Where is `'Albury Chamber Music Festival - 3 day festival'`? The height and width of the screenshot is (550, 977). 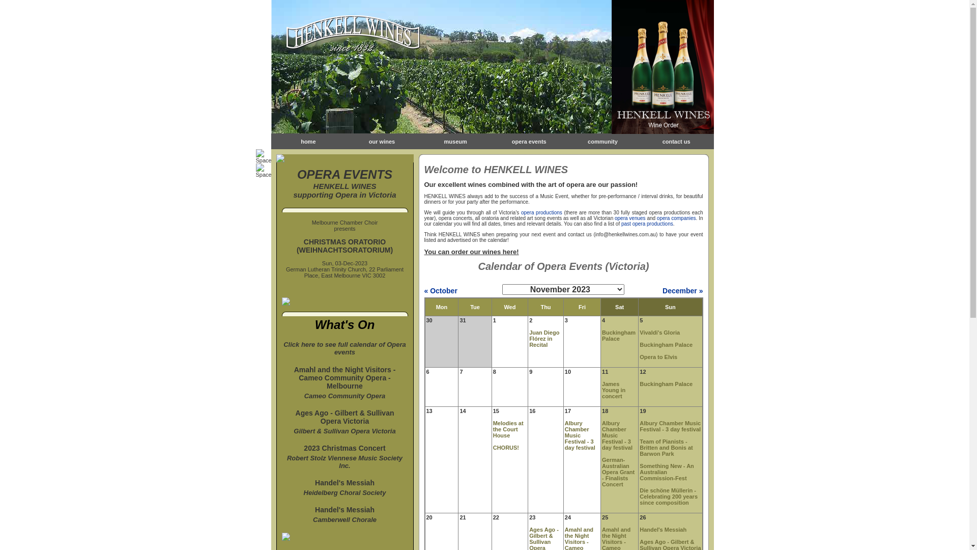
'Albury Chamber Music Festival - 3 day festival' is located at coordinates (580, 435).